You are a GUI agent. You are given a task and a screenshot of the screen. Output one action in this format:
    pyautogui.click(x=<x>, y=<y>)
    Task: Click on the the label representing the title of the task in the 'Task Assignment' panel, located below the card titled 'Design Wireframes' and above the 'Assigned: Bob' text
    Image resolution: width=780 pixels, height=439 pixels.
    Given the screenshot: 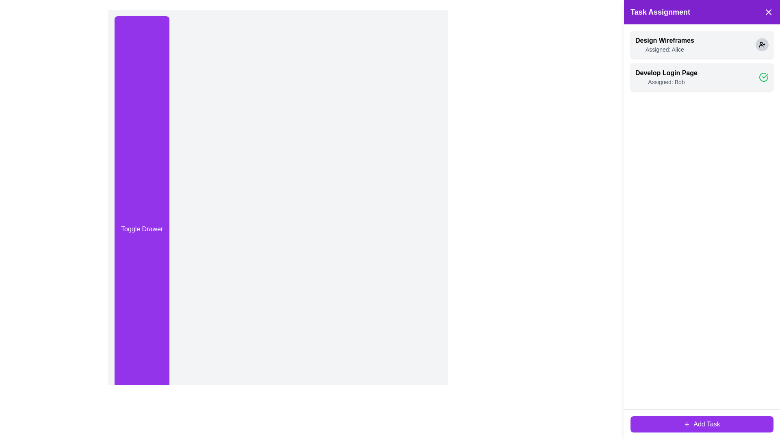 What is the action you would take?
    pyautogui.click(x=666, y=73)
    